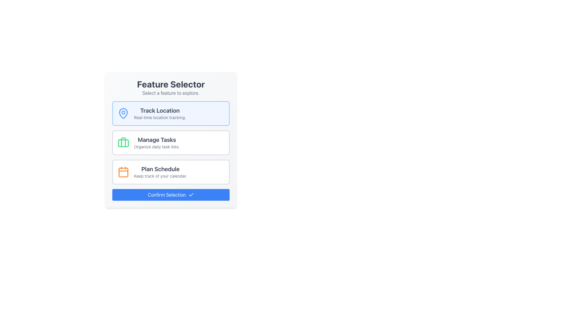 The image size is (563, 316). I want to click on the static text label titled 'Manage Tasks' which serves as the primary title for the feature option, located in the central section of the interface, so click(157, 140).